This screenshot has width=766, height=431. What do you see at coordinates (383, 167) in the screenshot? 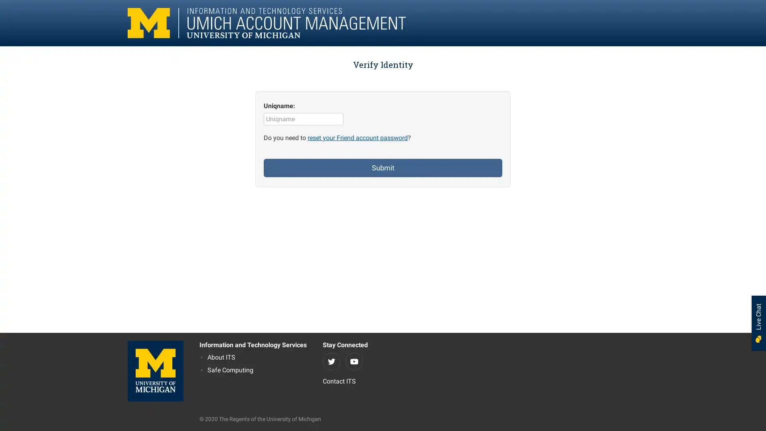
I see `Submit` at bounding box center [383, 167].